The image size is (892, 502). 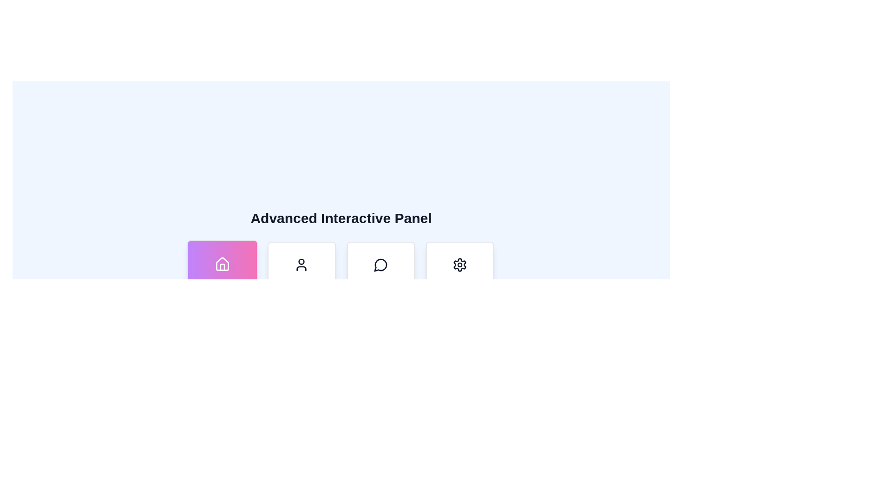 I want to click on the 'Home' graphical icon located on the leftmost side of the icon set beneath the 'Advanced Interactive Panel' title, so click(x=222, y=264).